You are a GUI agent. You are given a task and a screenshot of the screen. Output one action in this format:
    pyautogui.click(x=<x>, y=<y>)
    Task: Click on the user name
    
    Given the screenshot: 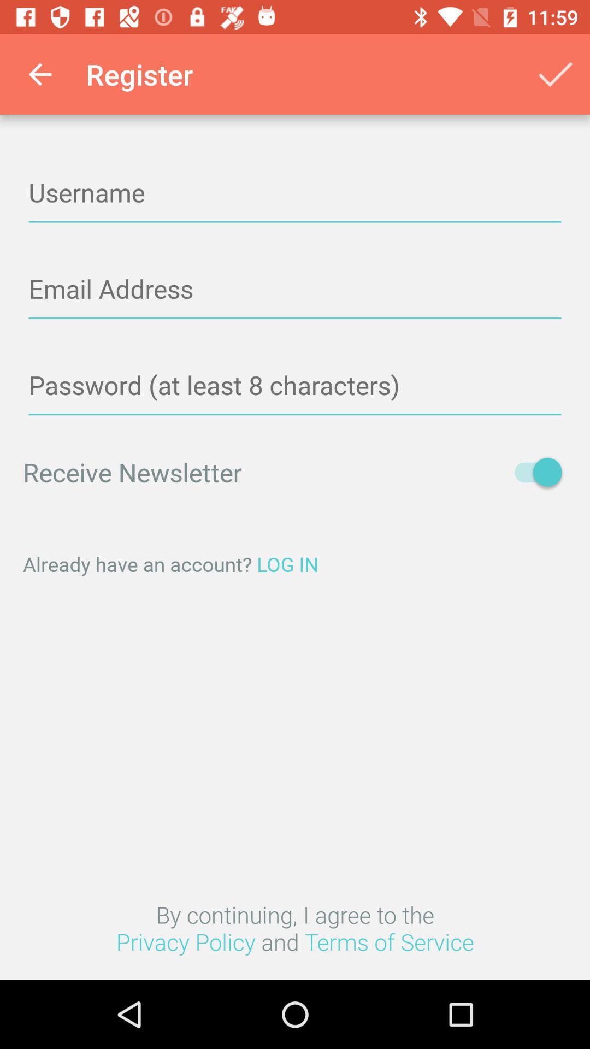 What is the action you would take?
    pyautogui.click(x=295, y=193)
    